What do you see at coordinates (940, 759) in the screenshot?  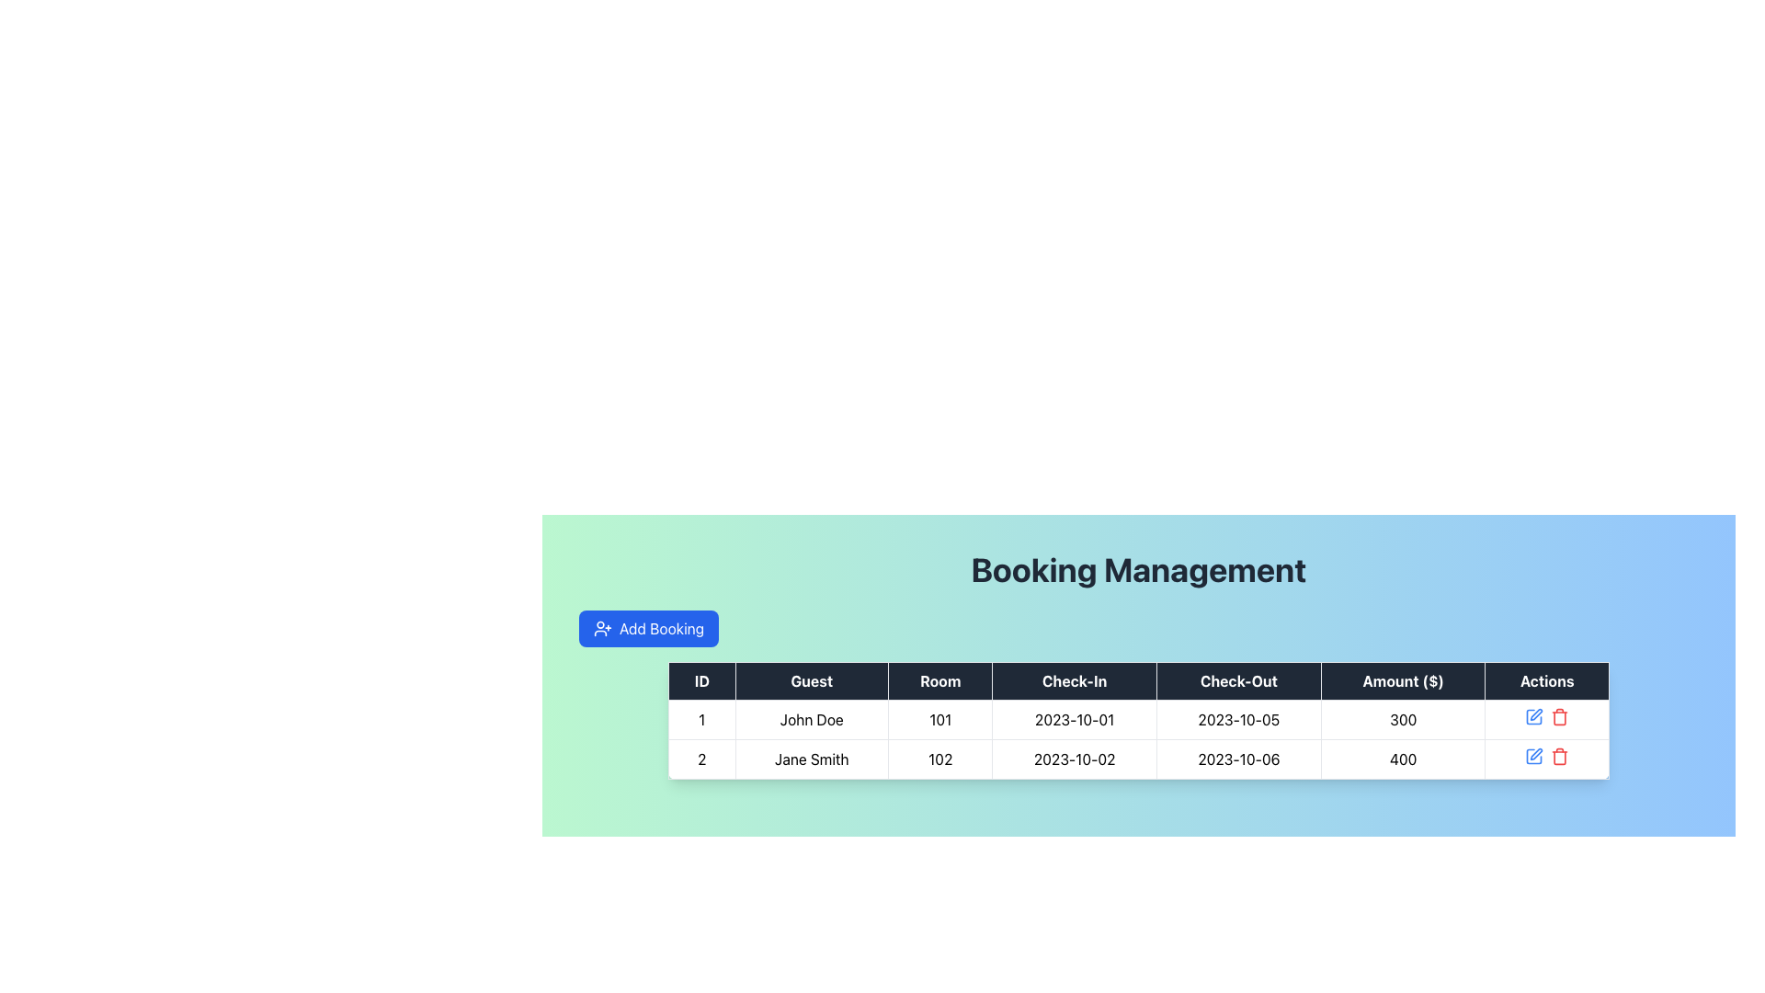 I see `the Static text cell displaying the number '102', which is the third column in the second row of the table, positioned under the 'Room' header and adjacent to the 'Jane Smith' cell` at bounding box center [940, 759].